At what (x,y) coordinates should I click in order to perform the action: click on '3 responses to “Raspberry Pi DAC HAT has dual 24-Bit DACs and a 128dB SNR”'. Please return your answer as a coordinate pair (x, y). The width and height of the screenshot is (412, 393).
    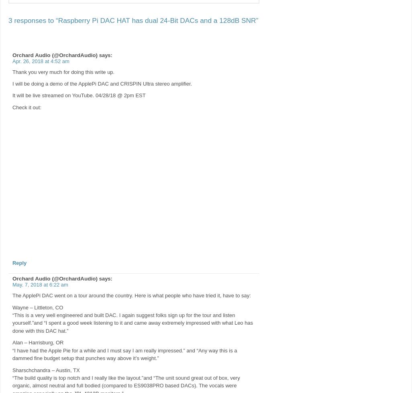
    Looking at the image, I should click on (133, 20).